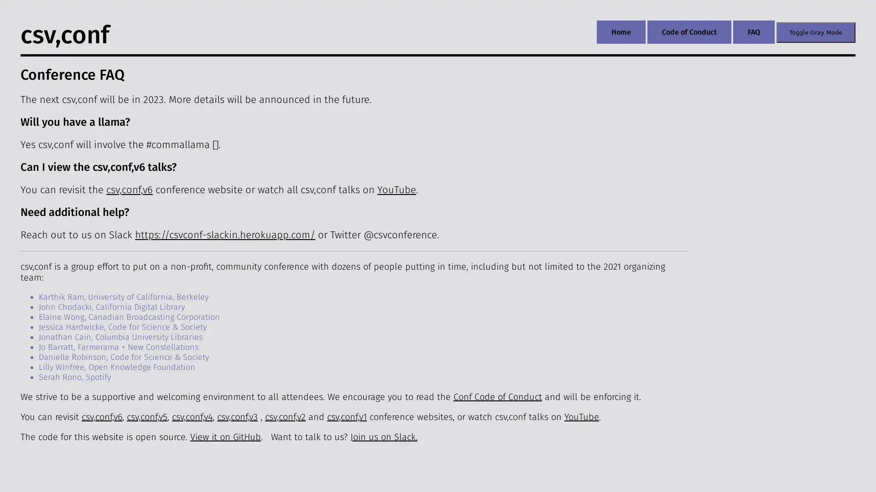 Image resolution: width=876 pixels, height=492 pixels. What do you see at coordinates (816, 31) in the screenshot?
I see `Toggle Gray Mode` at bounding box center [816, 31].